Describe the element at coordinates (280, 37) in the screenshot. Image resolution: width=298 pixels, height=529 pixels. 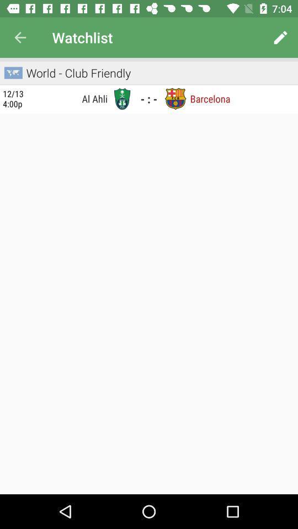
I see `item next to the watchlist icon` at that location.